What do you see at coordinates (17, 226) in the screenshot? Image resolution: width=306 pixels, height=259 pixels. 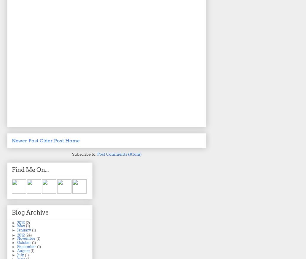 I see `'May'` at bounding box center [17, 226].